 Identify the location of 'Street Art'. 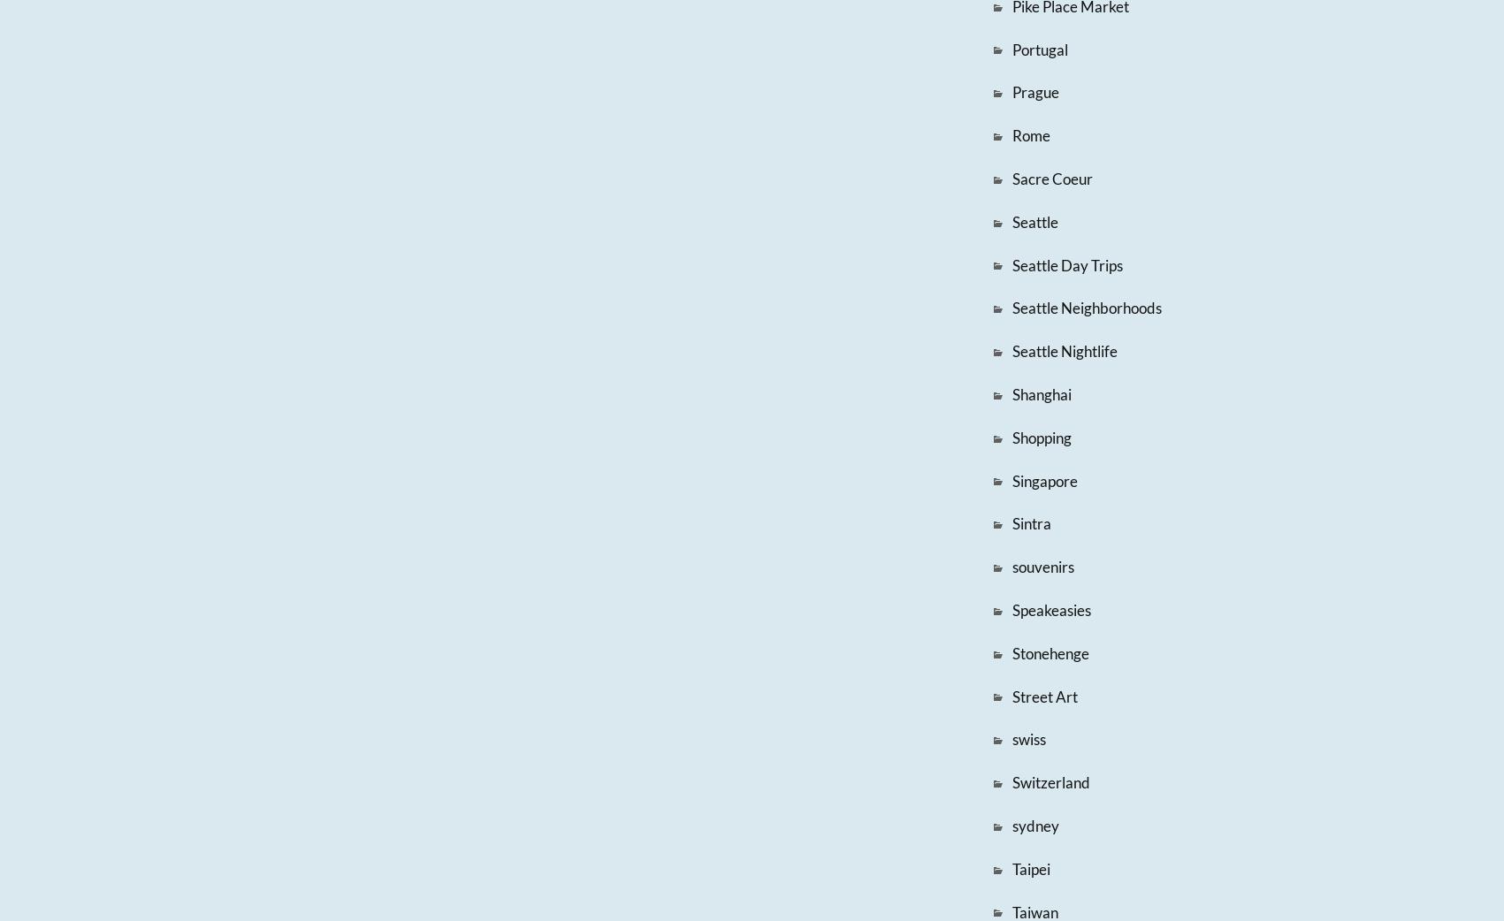
(1010, 696).